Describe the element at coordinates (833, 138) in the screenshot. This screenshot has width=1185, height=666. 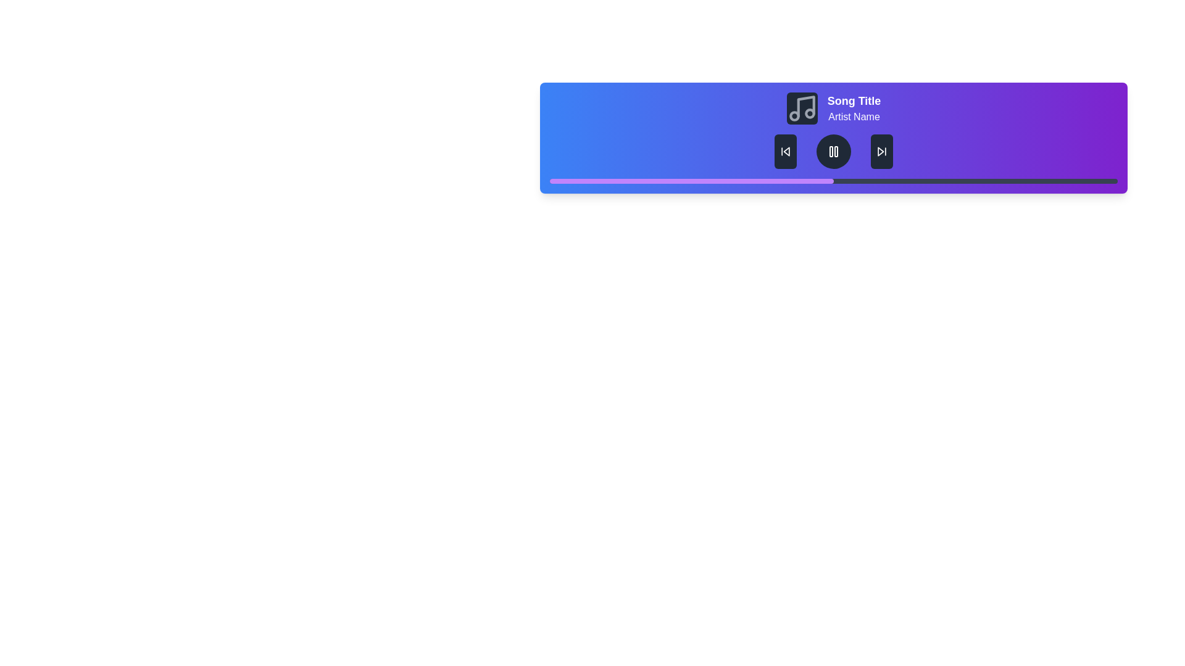
I see `the media playback section that displays the song title and artist name, along with playback controls and progress indication` at that location.